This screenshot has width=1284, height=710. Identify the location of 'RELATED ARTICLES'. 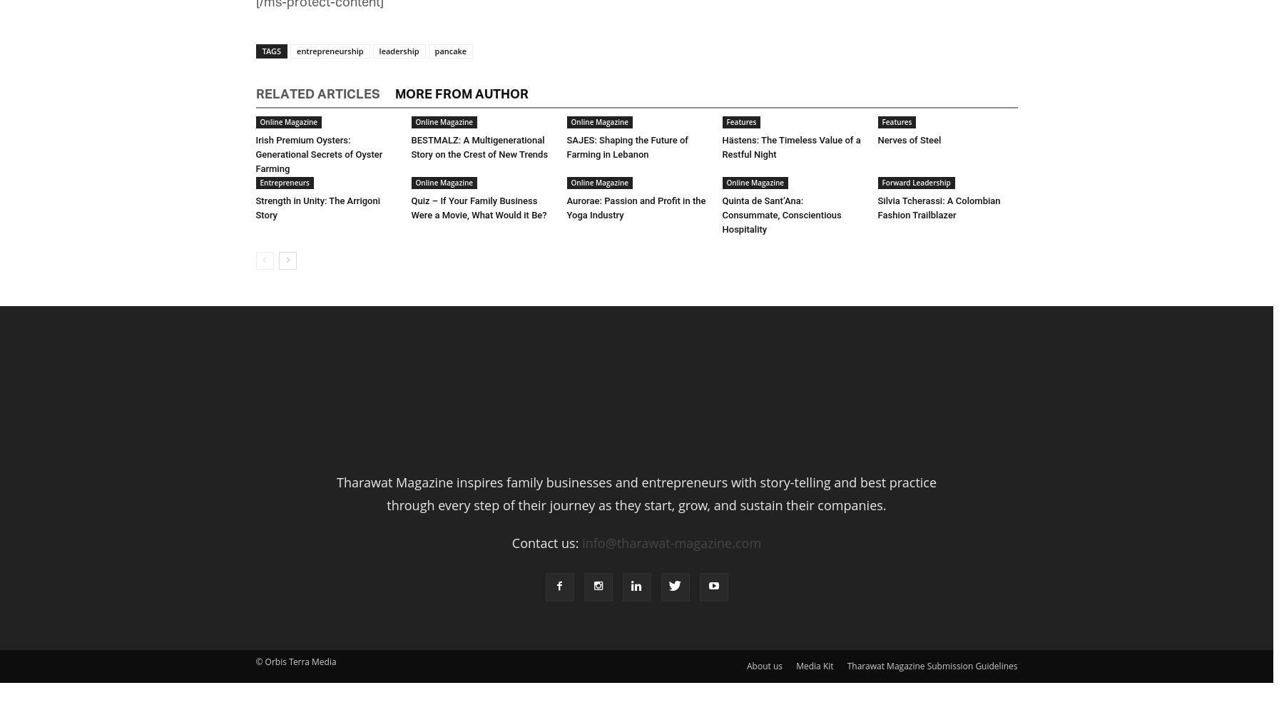
(317, 93).